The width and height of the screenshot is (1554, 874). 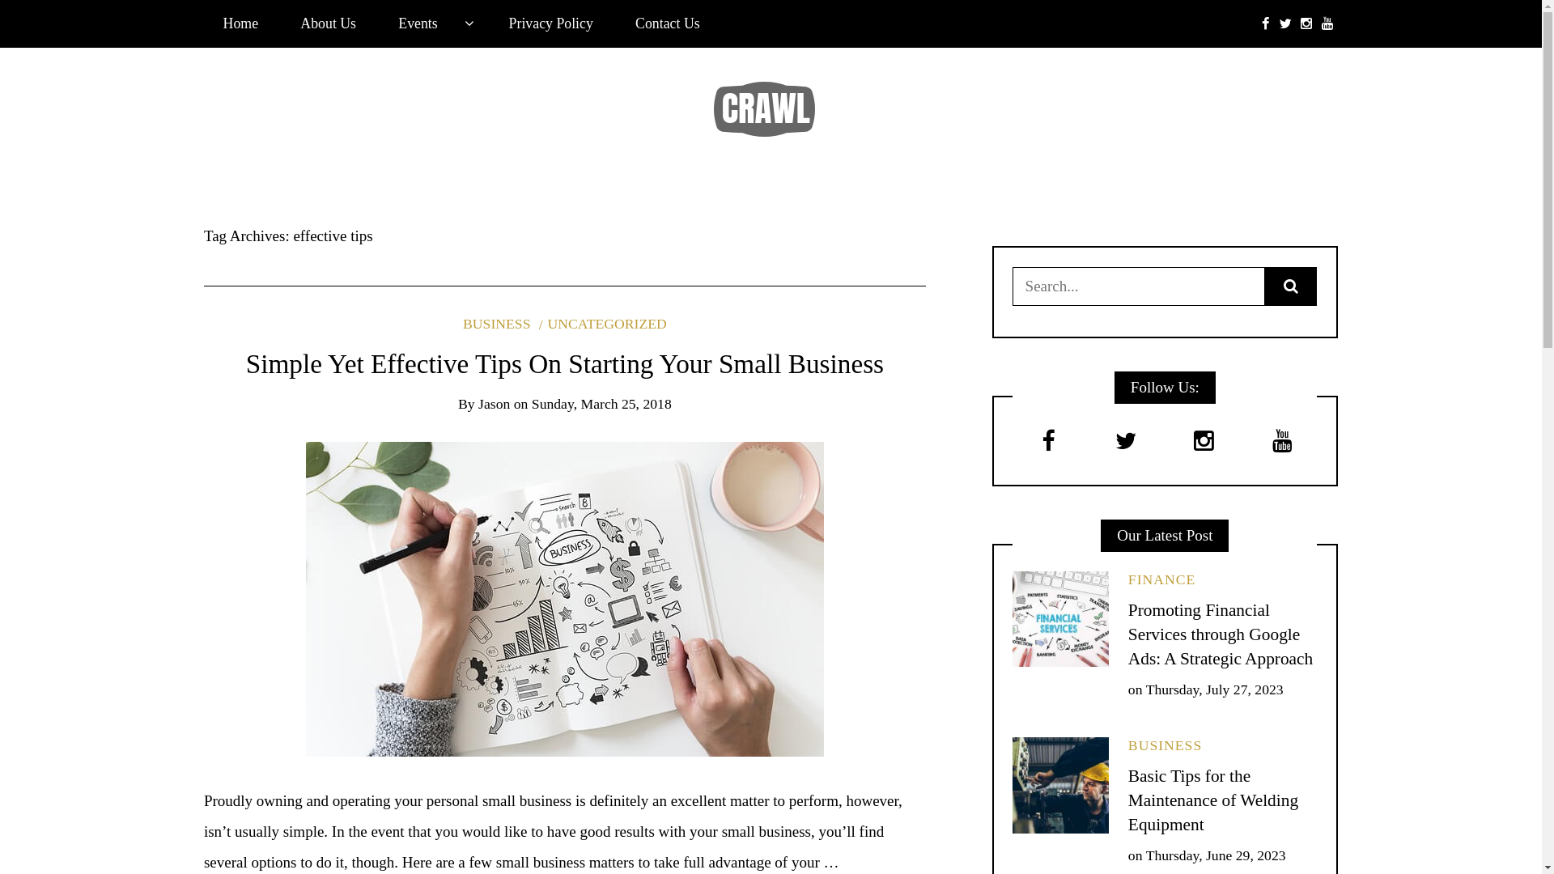 What do you see at coordinates (240, 23) in the screenshot?
I see `'Home'` at bounding box center [240, 23].